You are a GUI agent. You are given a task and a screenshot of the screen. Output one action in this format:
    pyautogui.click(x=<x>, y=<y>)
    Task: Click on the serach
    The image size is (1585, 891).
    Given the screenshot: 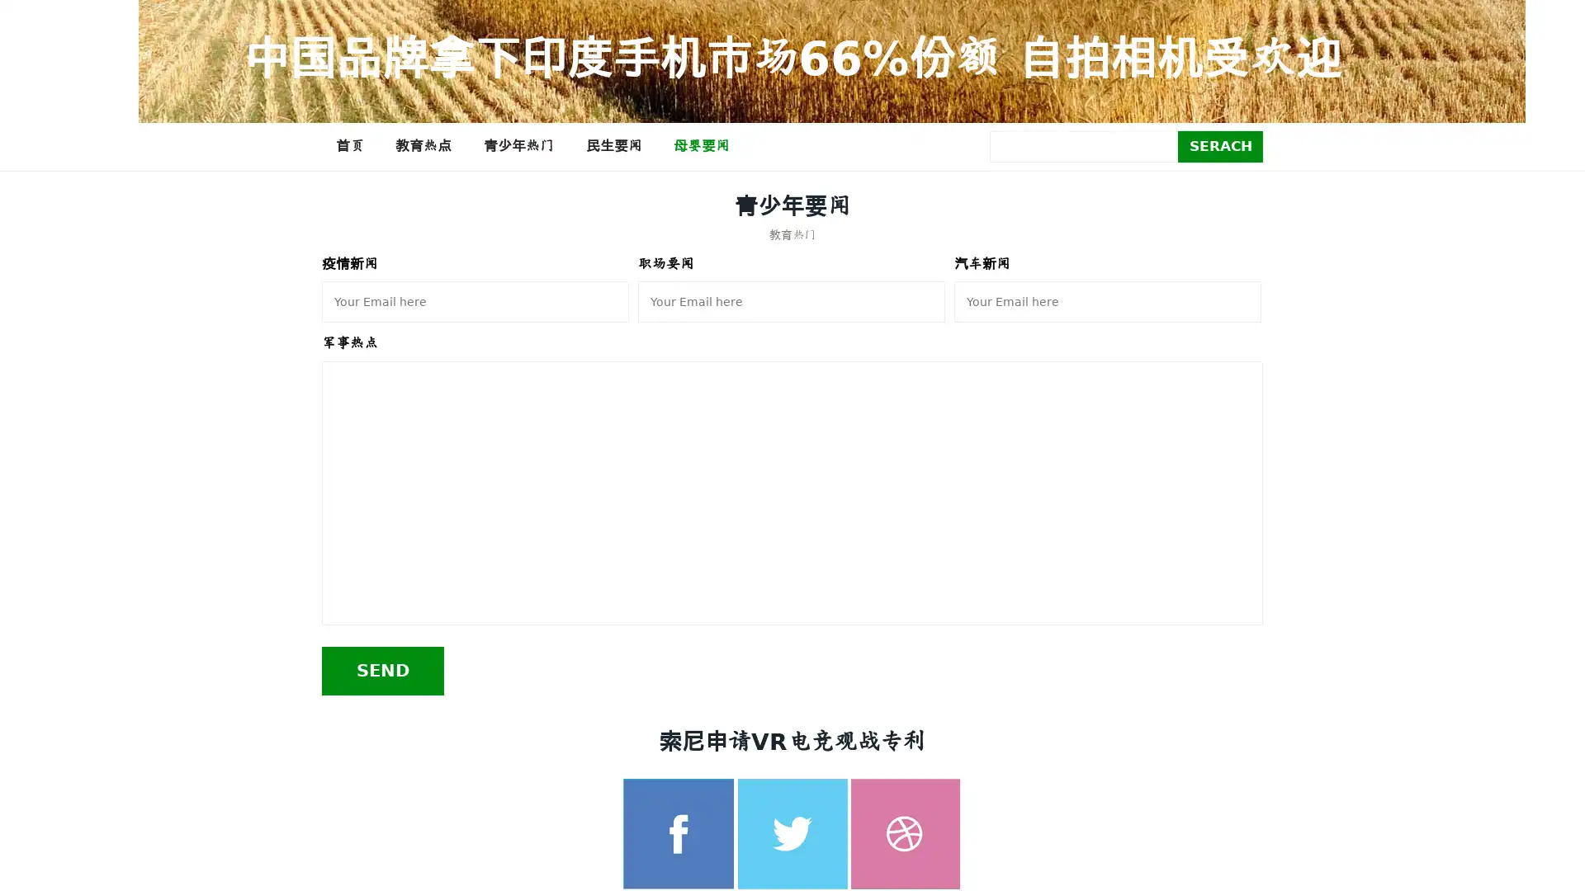 What is the action you would take?
    pyautogui.click(x=1220, y=145)
    